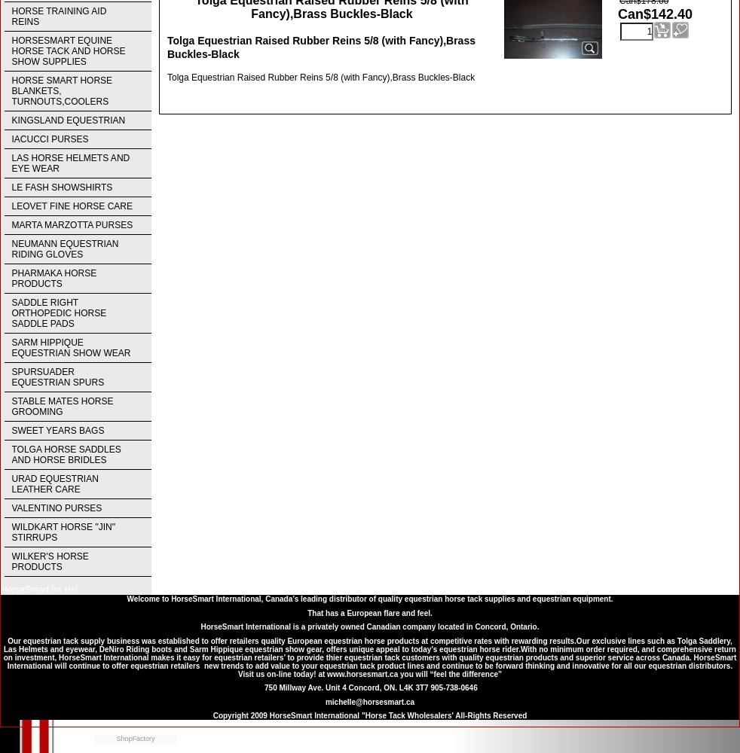 The height and width of the screenshot is (753, 740). Describe the element at coordinates (11, 225) in the screenshot. I see `'MARTA MARZOTTA PURSES'` at that location.